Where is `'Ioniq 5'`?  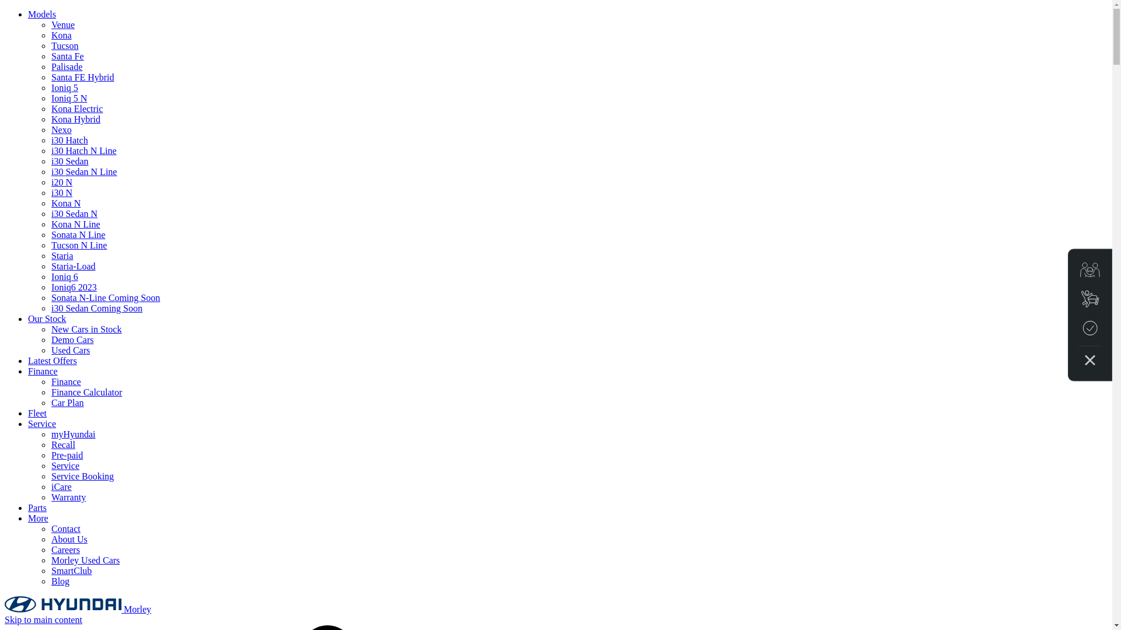 'Ioniq 5' is located at coordinates (64, 87).